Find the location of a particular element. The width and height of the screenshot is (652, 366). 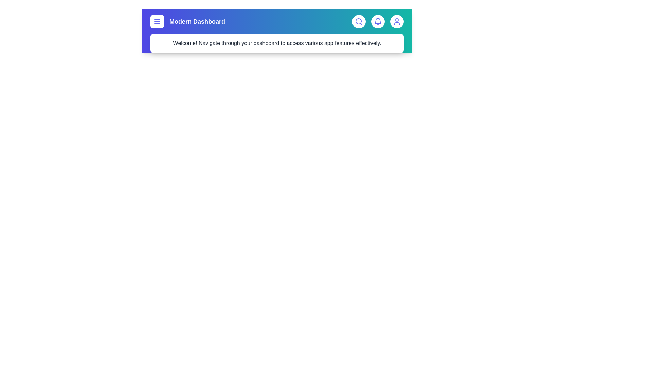

the bell icon to view notifications is located at coordinates (378, 21).